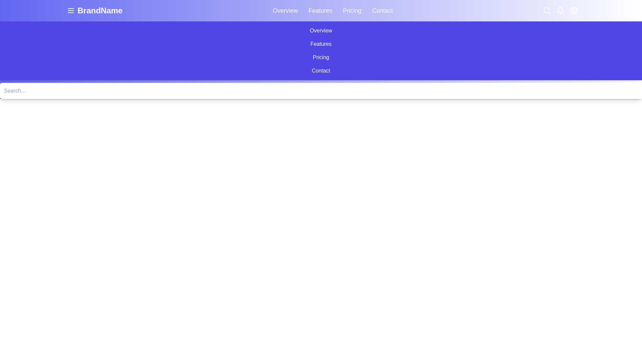 This screenshot has height=361, width=642. Describe the element at coordinates (321, 57) in the screenshot. I see `the 'Pricing' button in the navigation menu, which is a blue rectangular segment with white text, located below 'Features' and above 'Contact'` at that location.